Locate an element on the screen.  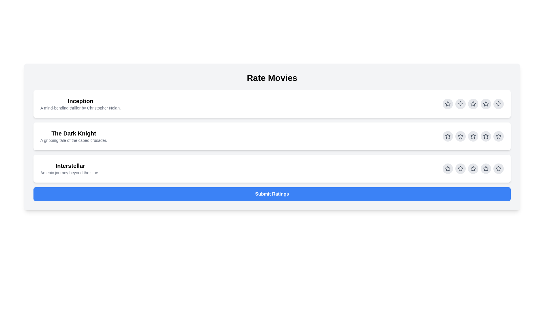
the rating stars for movie The Dark Knight is located at coordinates (447, 136).